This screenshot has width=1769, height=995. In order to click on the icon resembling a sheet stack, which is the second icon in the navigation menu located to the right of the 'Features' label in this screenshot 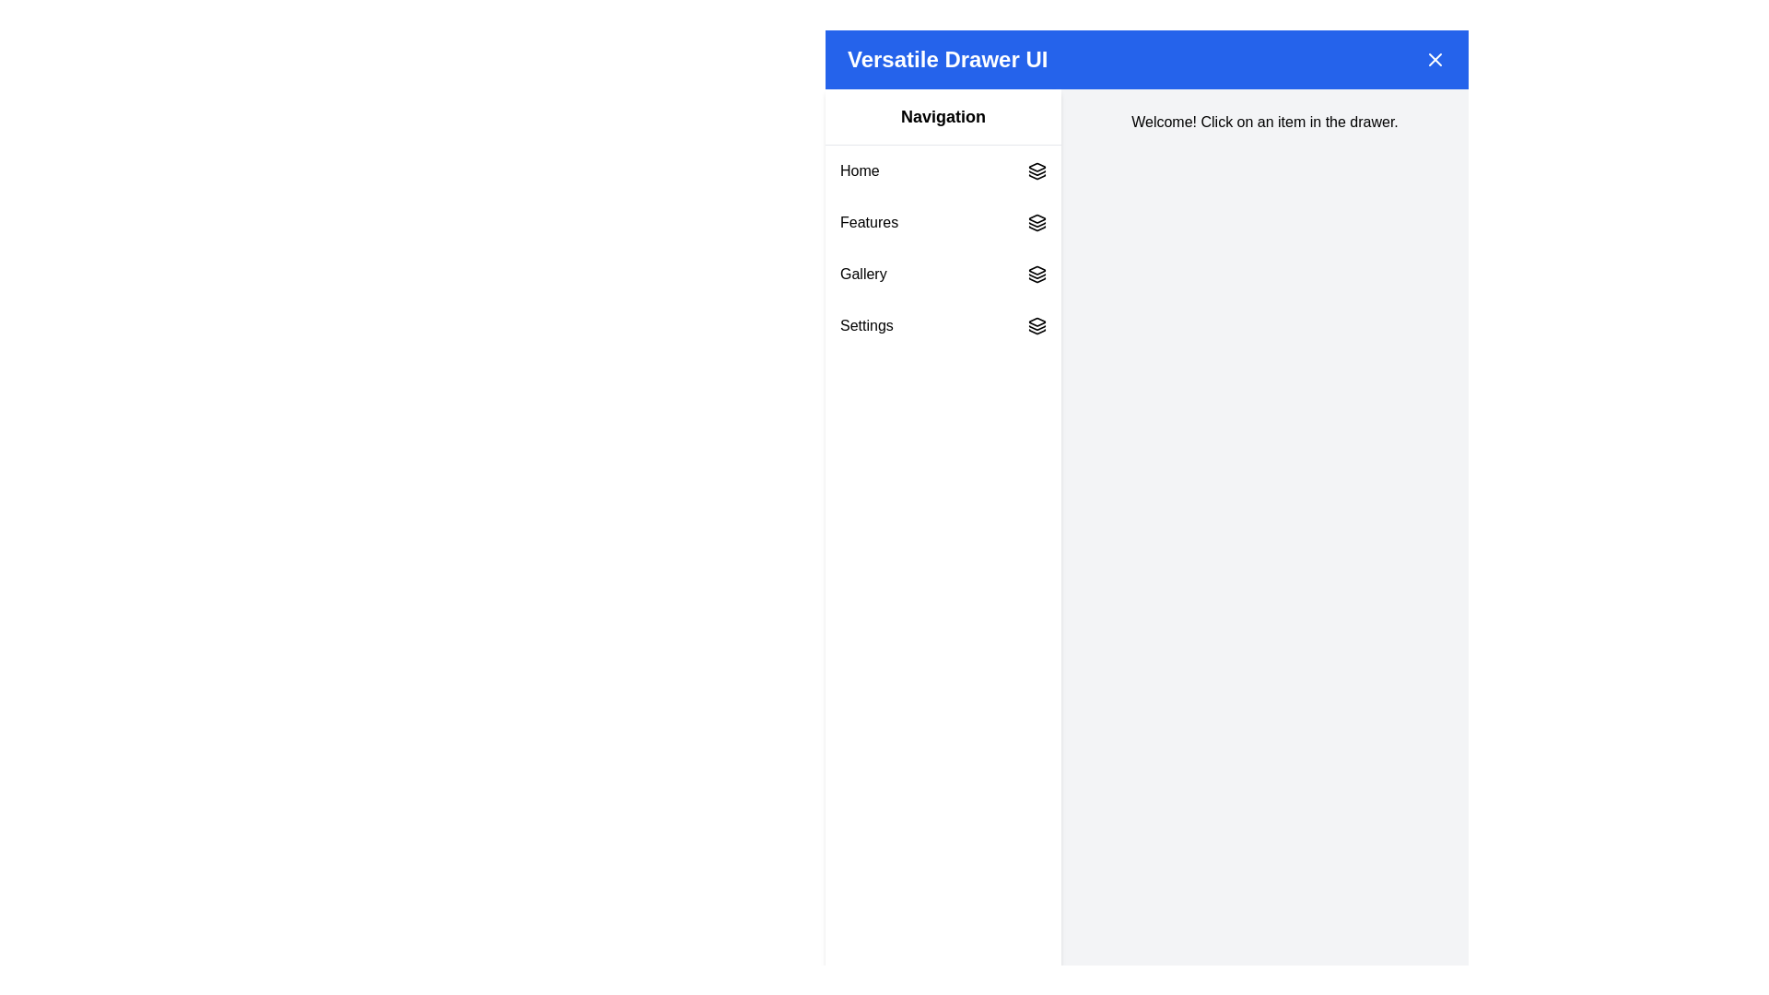, I will do `click(1037, 222)`.